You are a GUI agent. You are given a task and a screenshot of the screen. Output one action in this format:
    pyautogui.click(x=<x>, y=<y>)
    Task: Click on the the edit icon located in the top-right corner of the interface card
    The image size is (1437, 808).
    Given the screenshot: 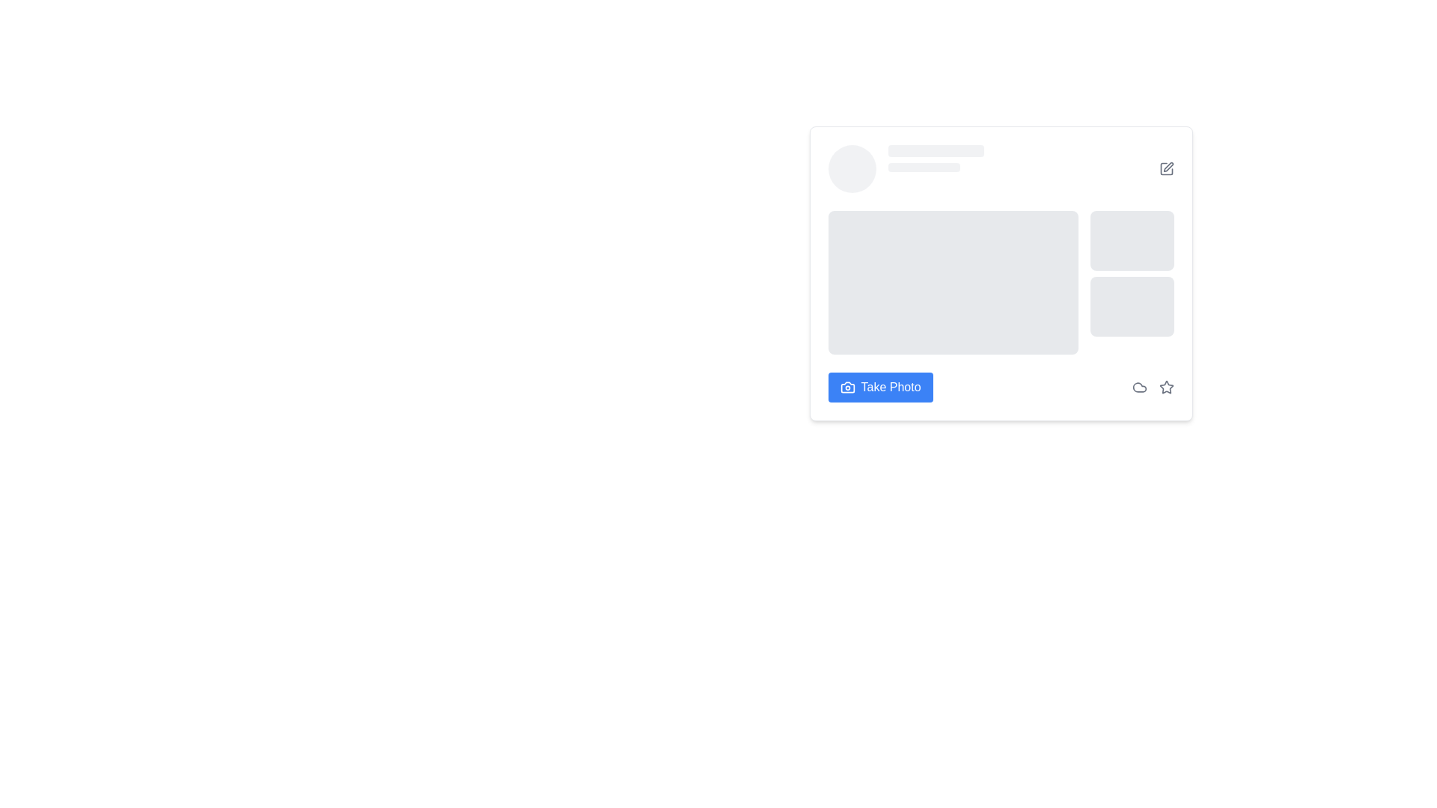 What is the action you would take?
    pyautogui.click(x=1167, y=167)
    